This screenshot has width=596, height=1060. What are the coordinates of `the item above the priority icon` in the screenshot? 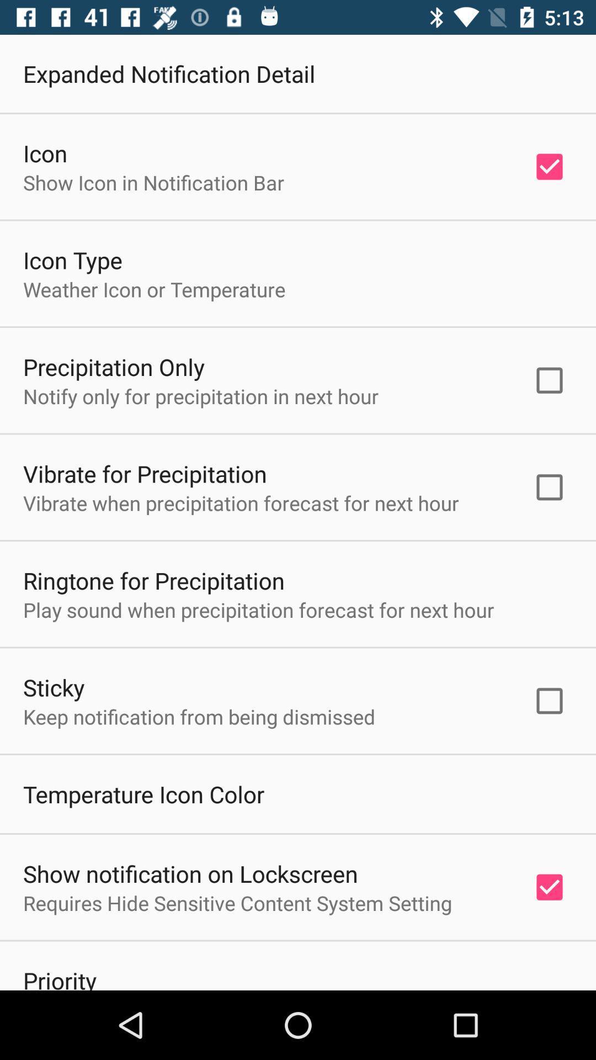 It's located at (237, 903).